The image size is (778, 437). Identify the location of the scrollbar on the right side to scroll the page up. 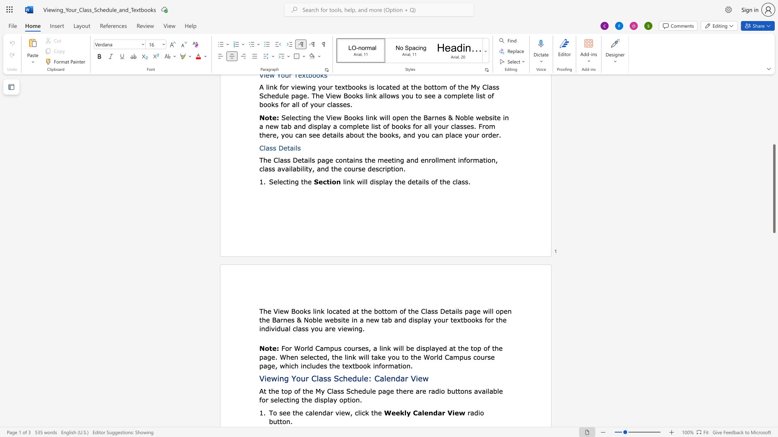
(774, 121).